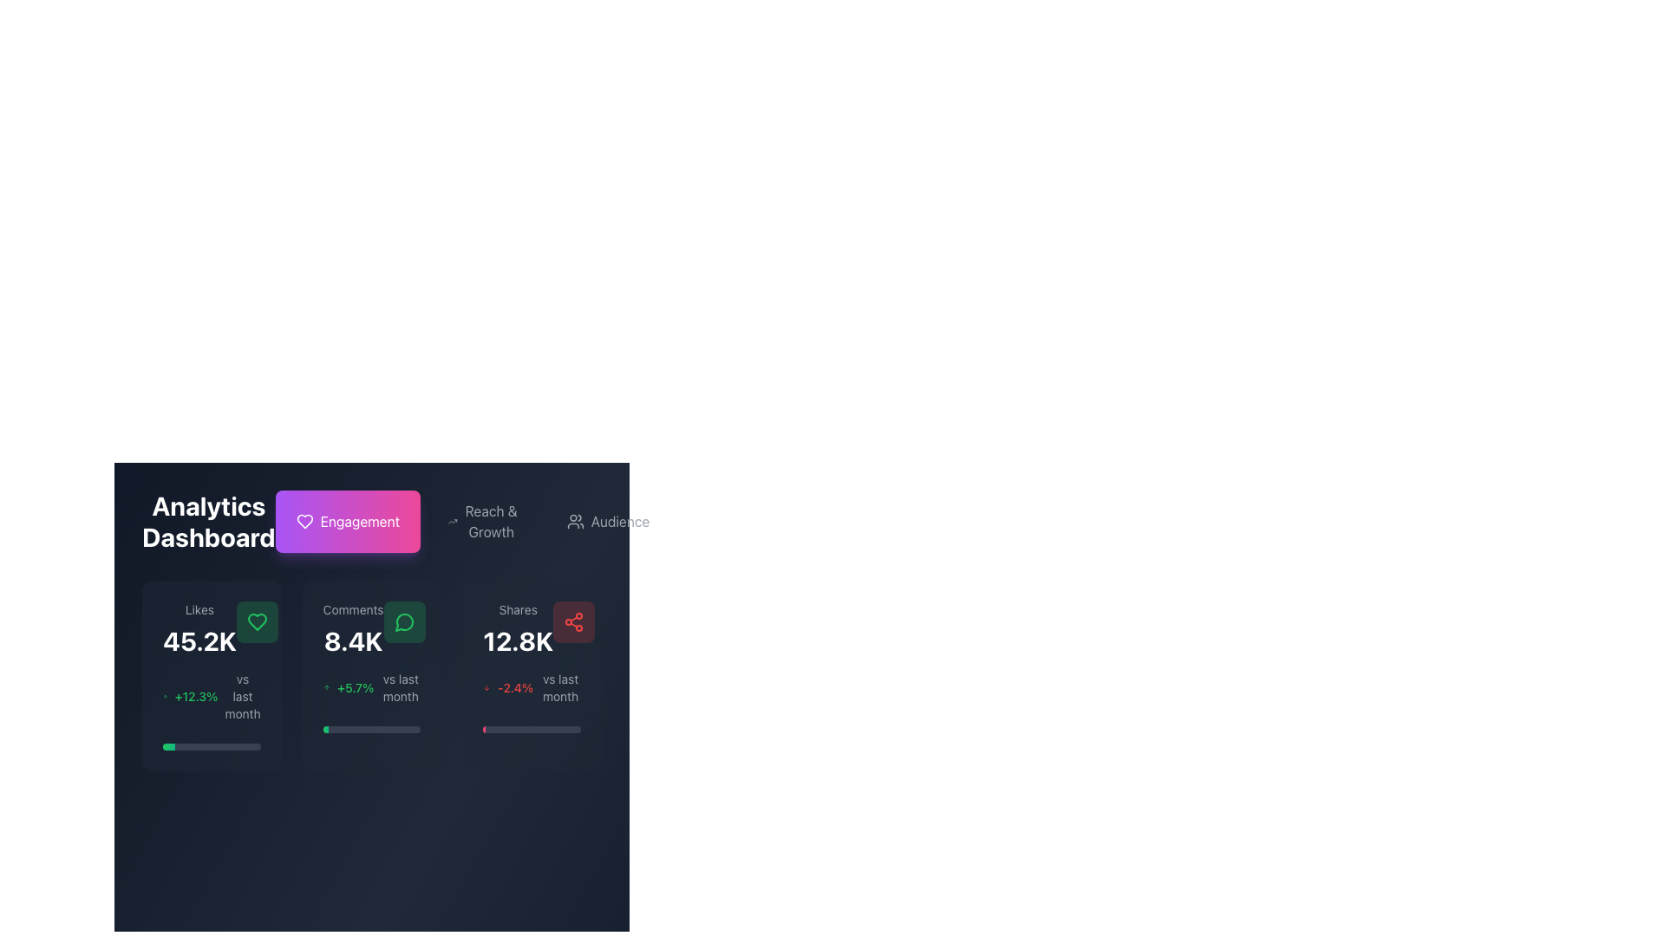 This screenshot has width=1665, height=936. I want to click on the horizontal progress bar with a dark gray background and rounded corners, which is located at the bottom of the card displaying 'Likes' statistics, so click(211, 745).